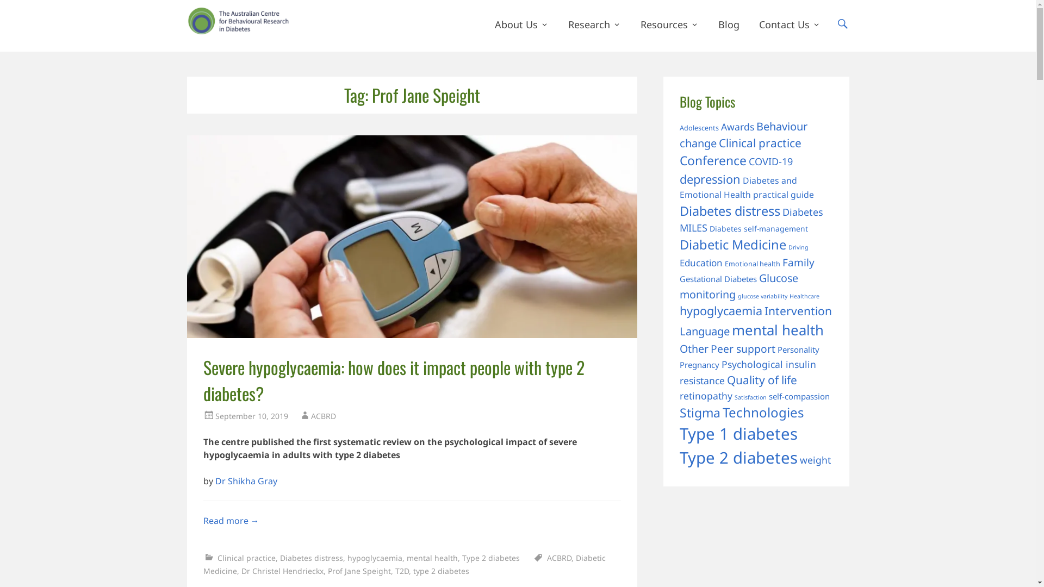 Image resolution: width=1044 pixels, height=587 pixels. Describe the element at coordinates (789, 296) in the screenshot. I see `'Healthcare'` at that location.